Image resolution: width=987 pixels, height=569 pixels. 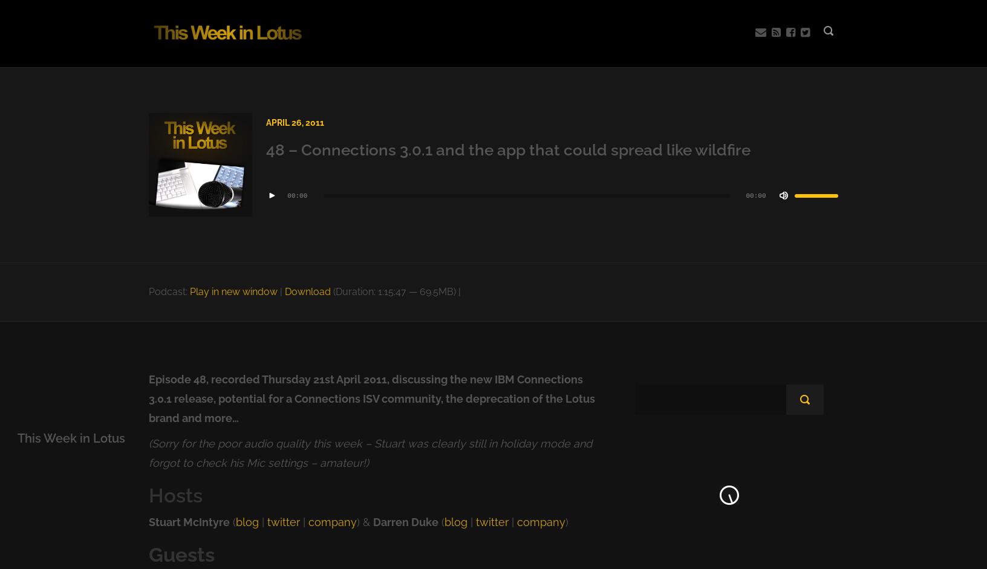 I want to click on '(Duration: 1:15:47 — 69.5MB) |', so click(x=395, y=291).